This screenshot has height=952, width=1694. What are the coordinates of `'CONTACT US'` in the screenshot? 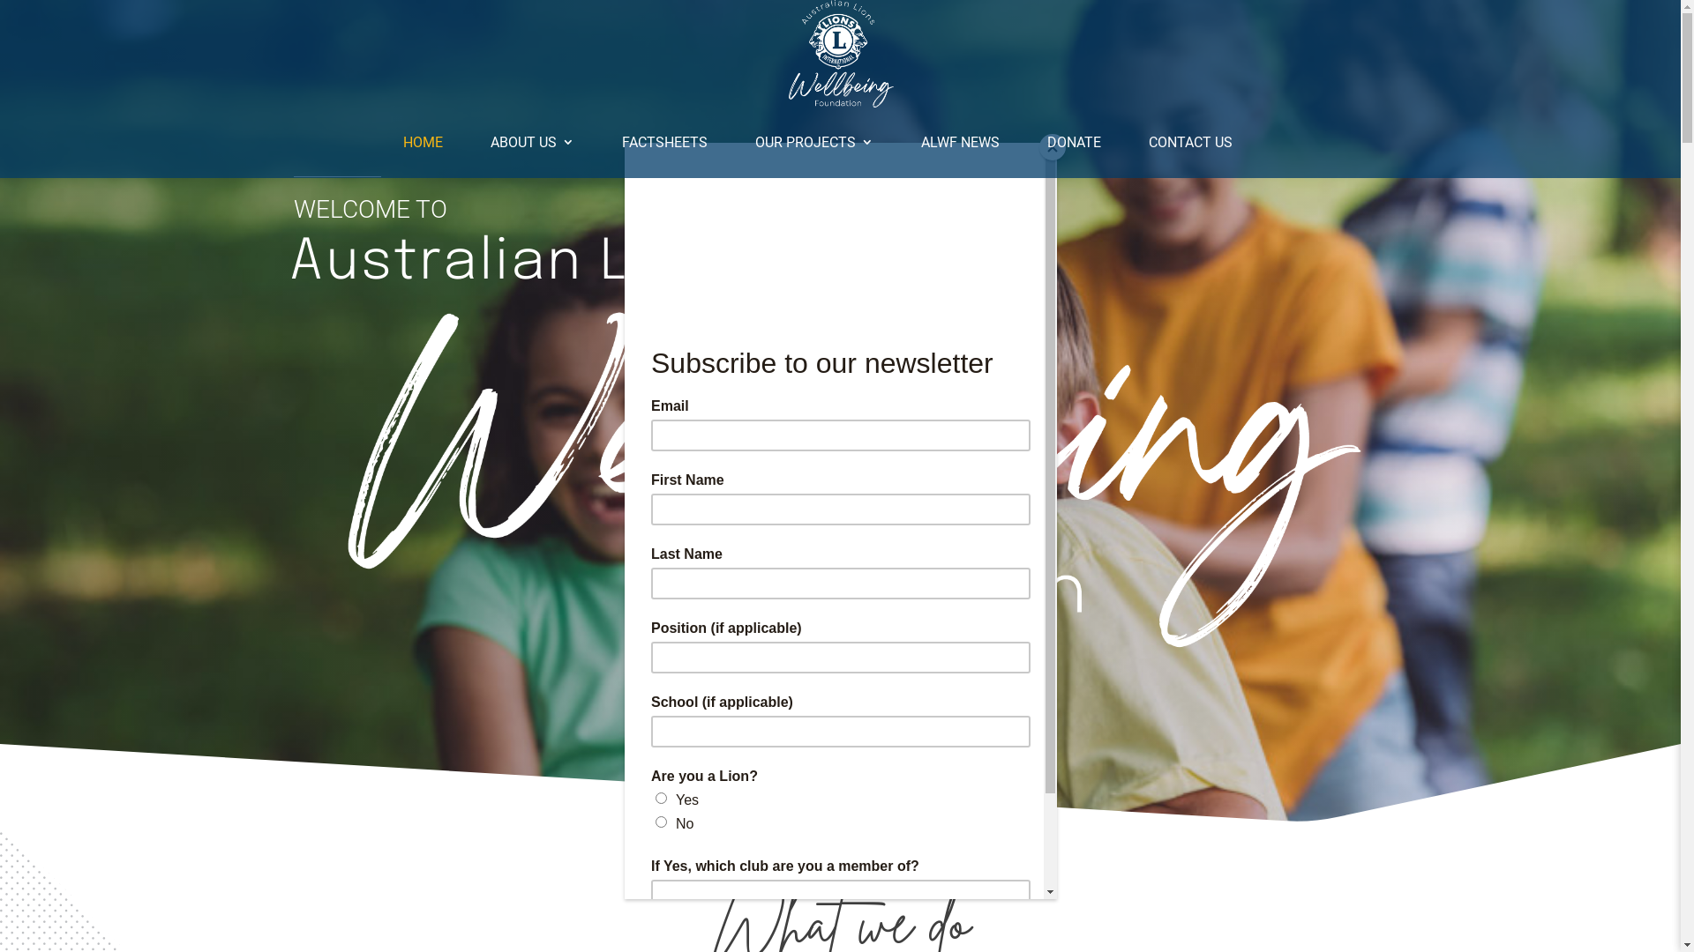 It's located at (1148, 142).